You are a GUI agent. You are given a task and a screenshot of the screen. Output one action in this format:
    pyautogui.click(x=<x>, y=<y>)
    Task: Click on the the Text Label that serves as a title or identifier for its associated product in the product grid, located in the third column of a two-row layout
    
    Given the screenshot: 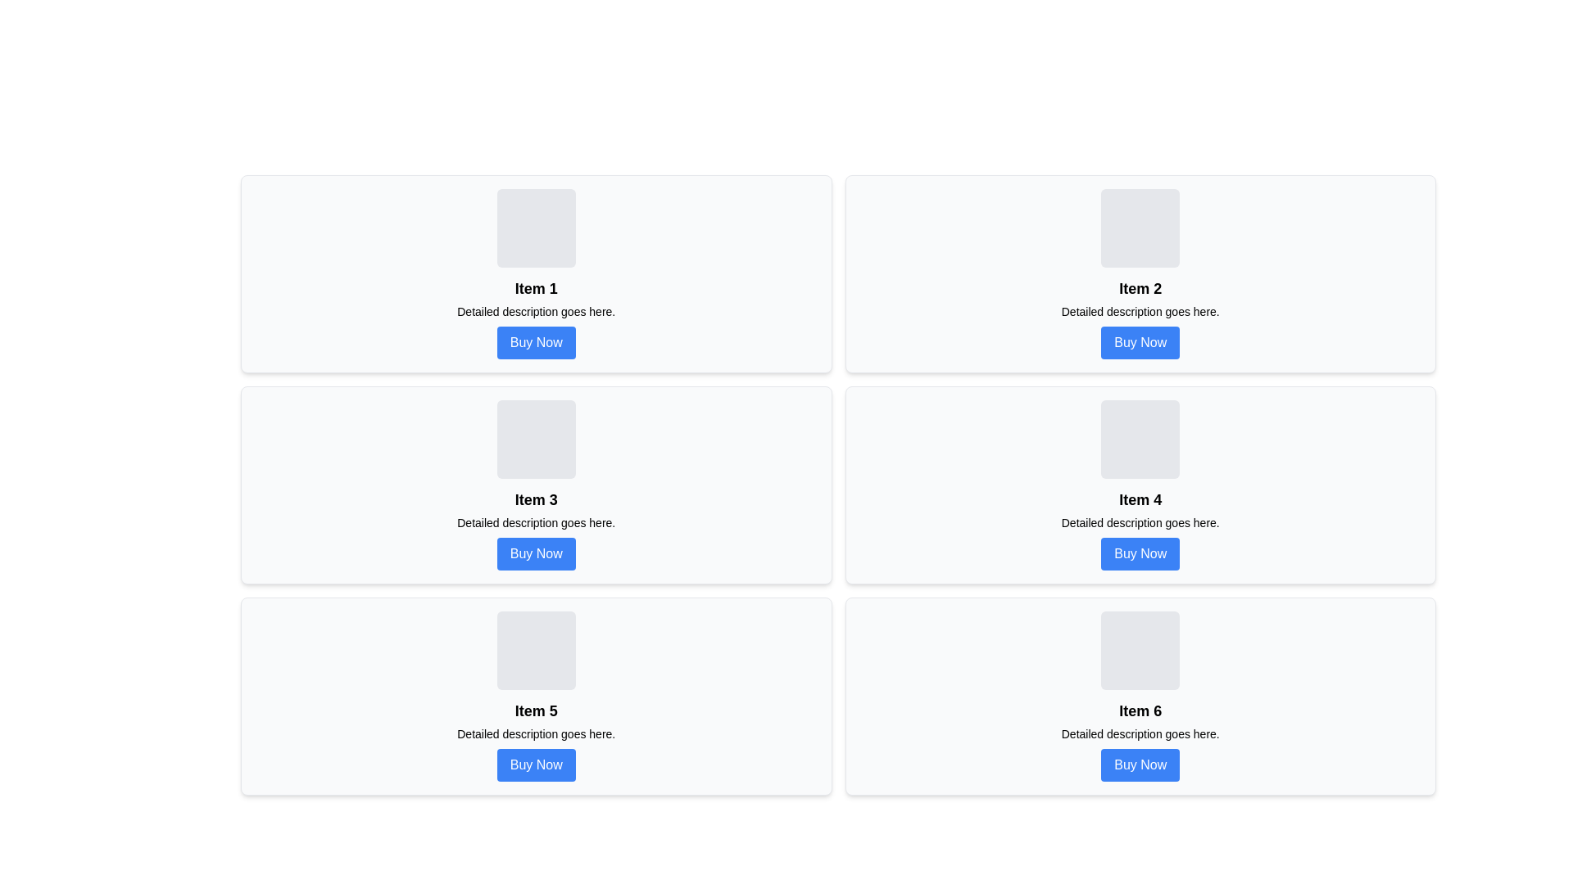 What is the action you would take?
    pyautogui.click(x=1140, y=498)
    